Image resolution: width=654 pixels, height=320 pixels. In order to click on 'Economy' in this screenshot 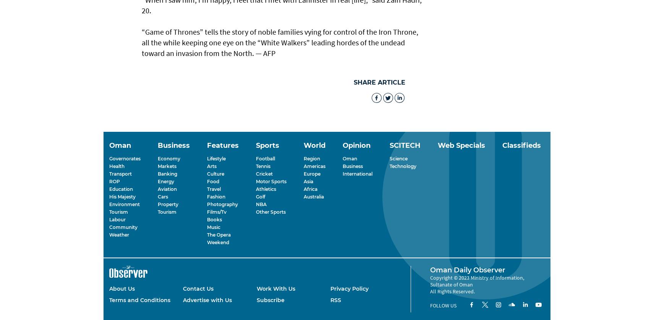, I will do `click(157, 158)`.